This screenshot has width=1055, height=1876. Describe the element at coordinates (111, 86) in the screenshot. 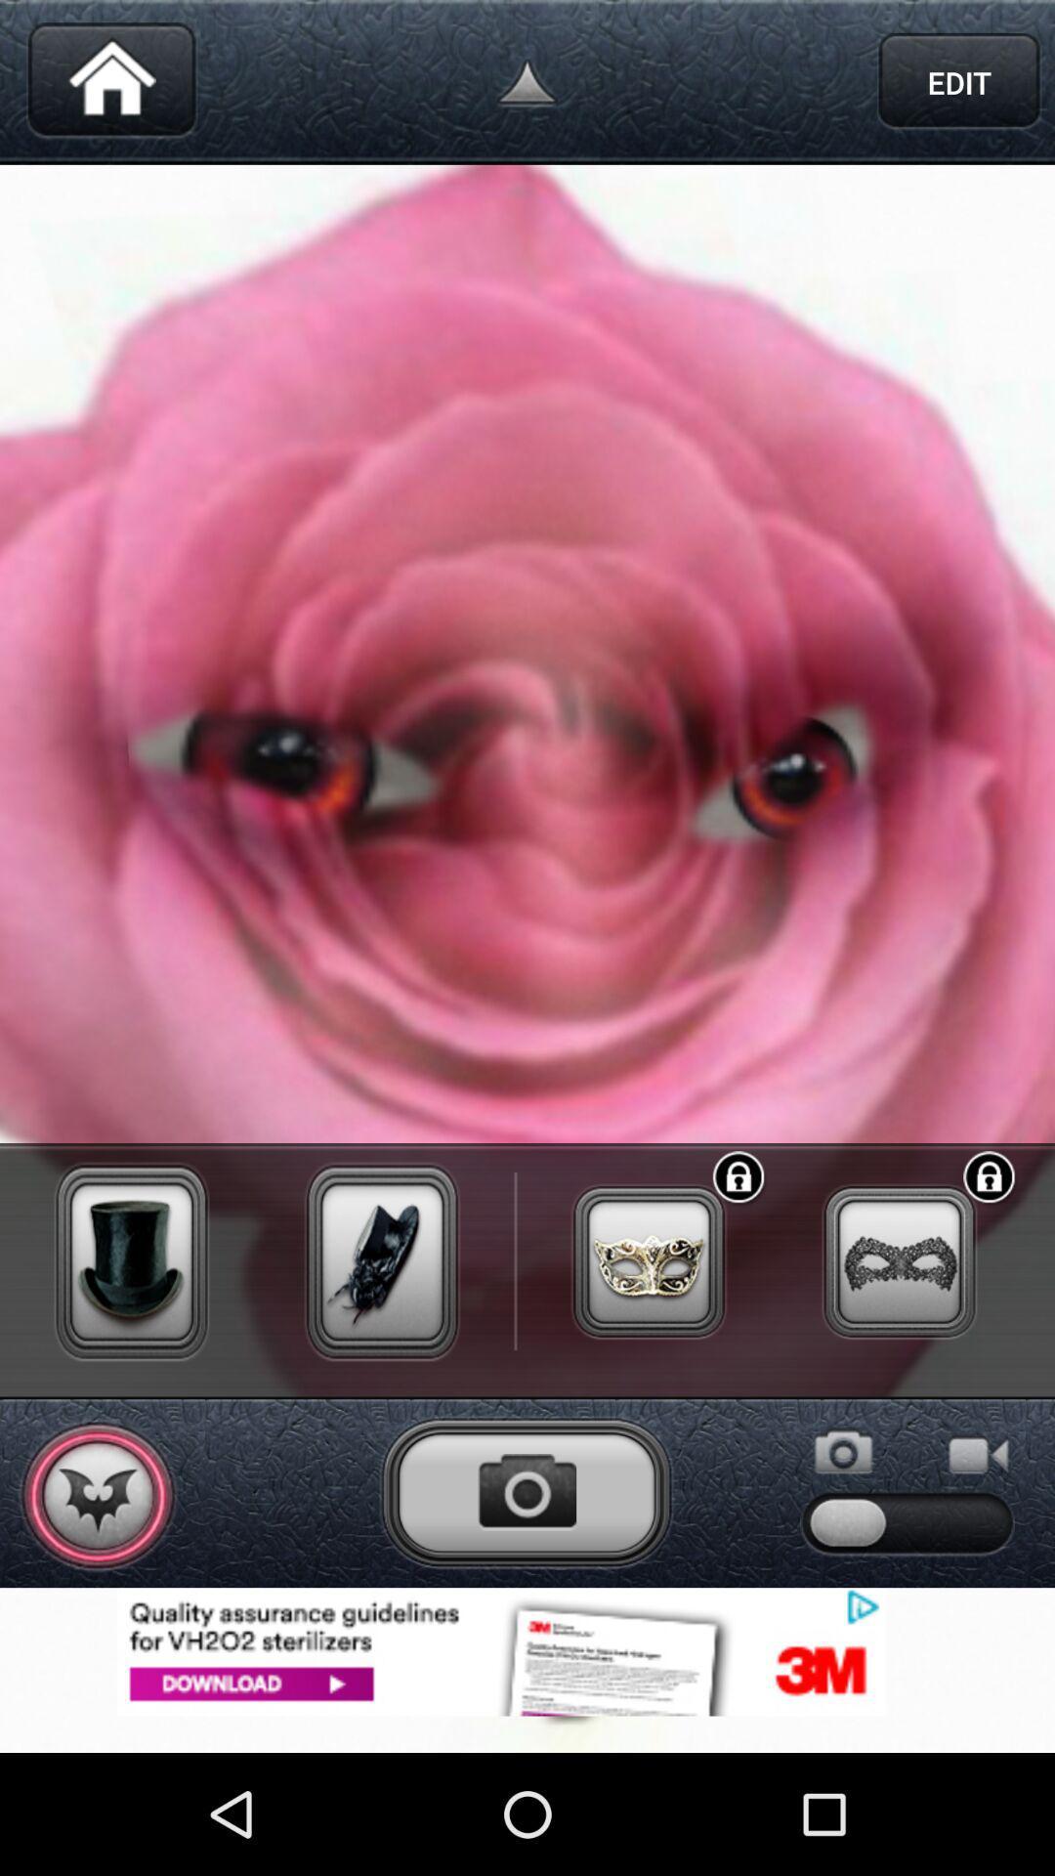

I see `the home icon` at that location.